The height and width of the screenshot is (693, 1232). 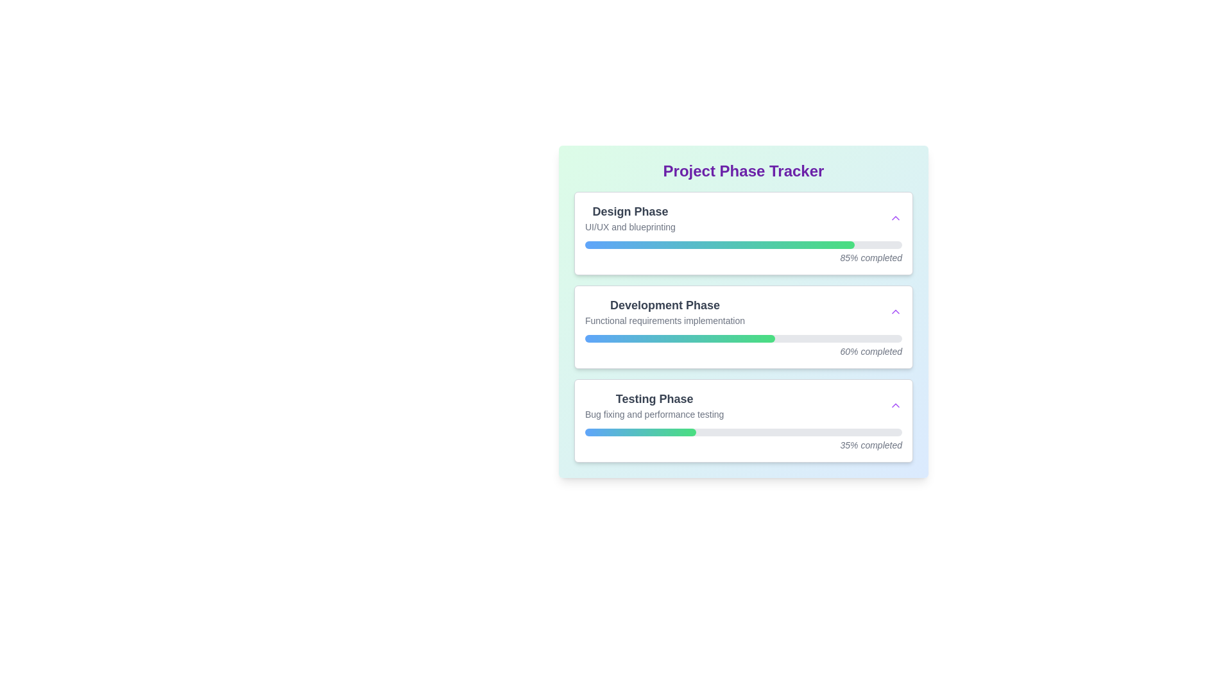 What do you see at coordinates (680, 338) in the screenshot?
I see `the gradient-filled portion of the progress bar segment in the 'Development Phase' section, which displays a gradient from blue to green and has rounded edges` at bounding box center [680, 338].